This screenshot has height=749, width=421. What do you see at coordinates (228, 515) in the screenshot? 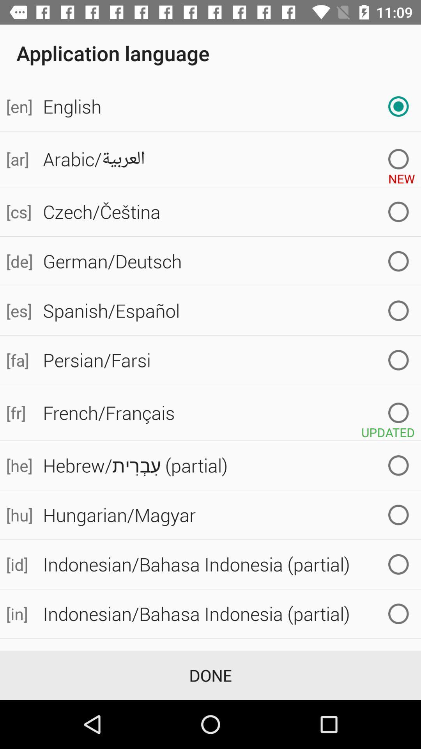
I see `the hungarian/magyar item` at bounding box center [228, 515].